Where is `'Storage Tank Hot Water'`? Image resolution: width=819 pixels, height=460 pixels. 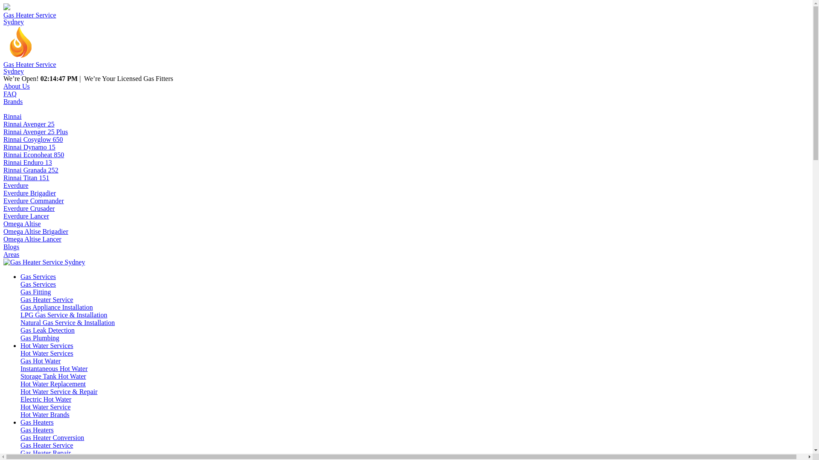
'Storage Tank Hot Water' is located at coordinates (52, 376).